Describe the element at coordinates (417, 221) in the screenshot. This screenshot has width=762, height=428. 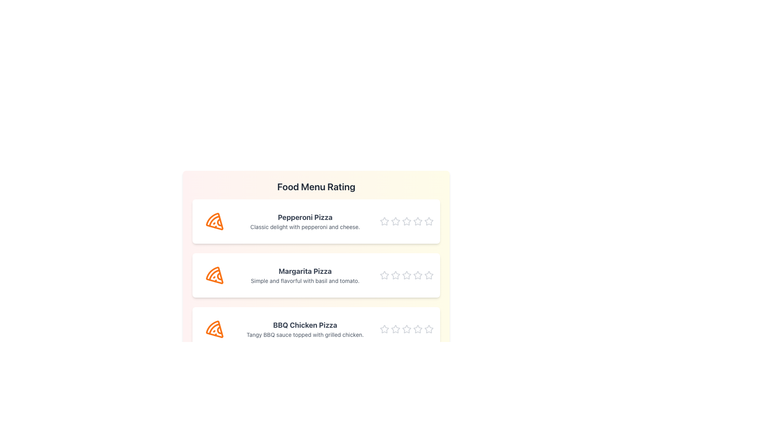
I see `the fourth star-shaped icon in the row for rating the 'Pepperoni Pizza' menu item` at that location.